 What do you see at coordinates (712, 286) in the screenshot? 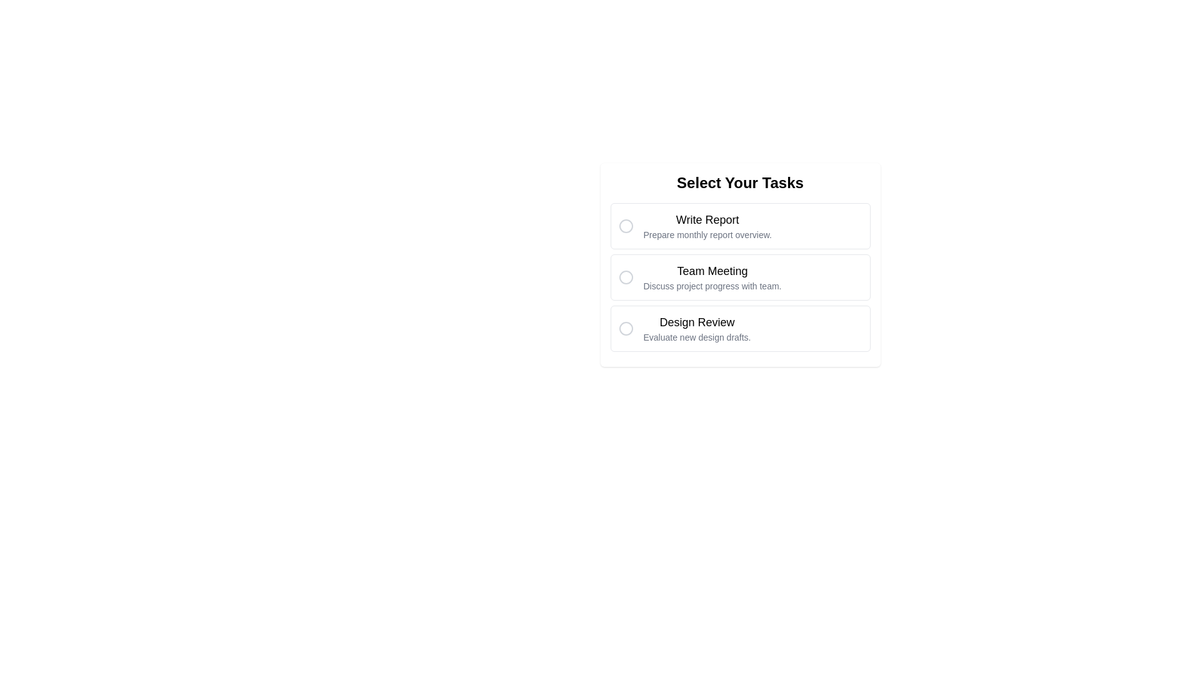
I see `the text label that reads 'Discuss project progress with team.', which is styled in a smaller font size and lighter gray color, positioned beneath the 'Team Meeting' title` at bounding box center [712, 286].